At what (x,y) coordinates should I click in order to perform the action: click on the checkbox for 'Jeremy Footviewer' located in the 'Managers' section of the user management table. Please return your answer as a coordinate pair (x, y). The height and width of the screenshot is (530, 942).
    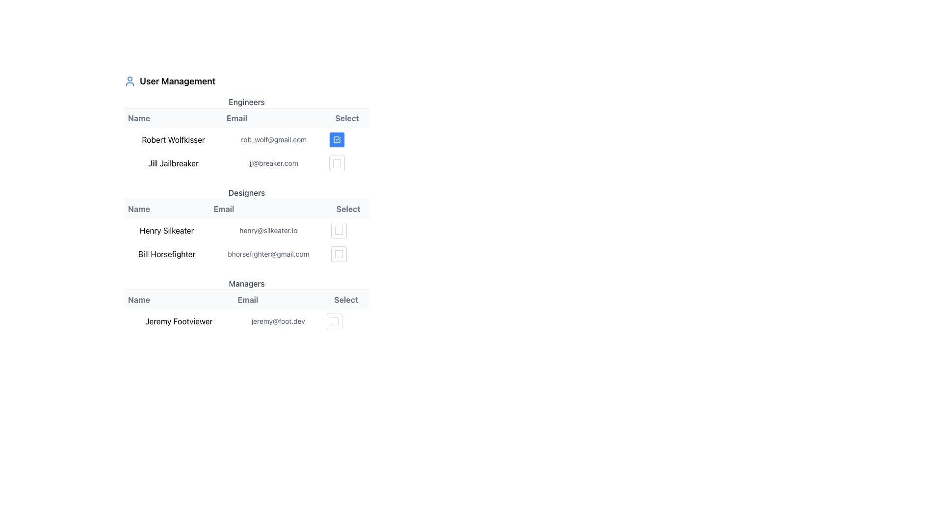
    Looking at the image, I should click on (335, 321).